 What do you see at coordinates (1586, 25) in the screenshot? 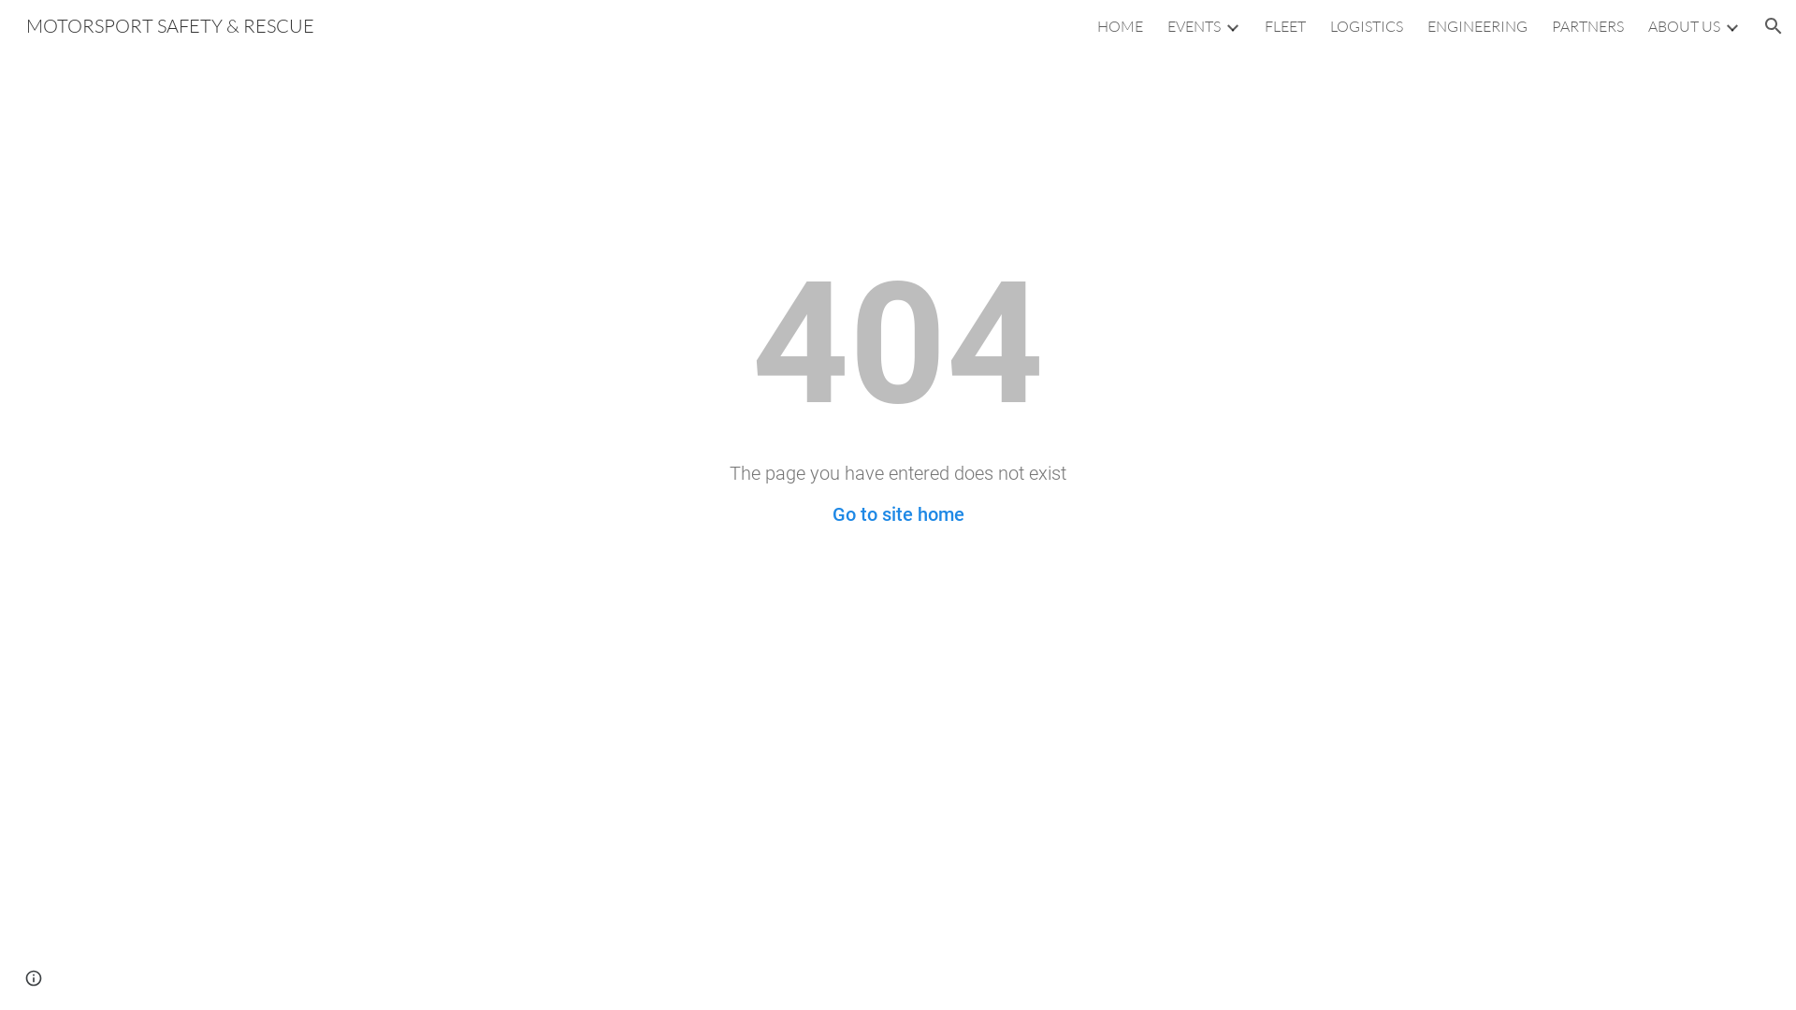
I see `'PARTNERS'` at bounding box center [1586, 25].